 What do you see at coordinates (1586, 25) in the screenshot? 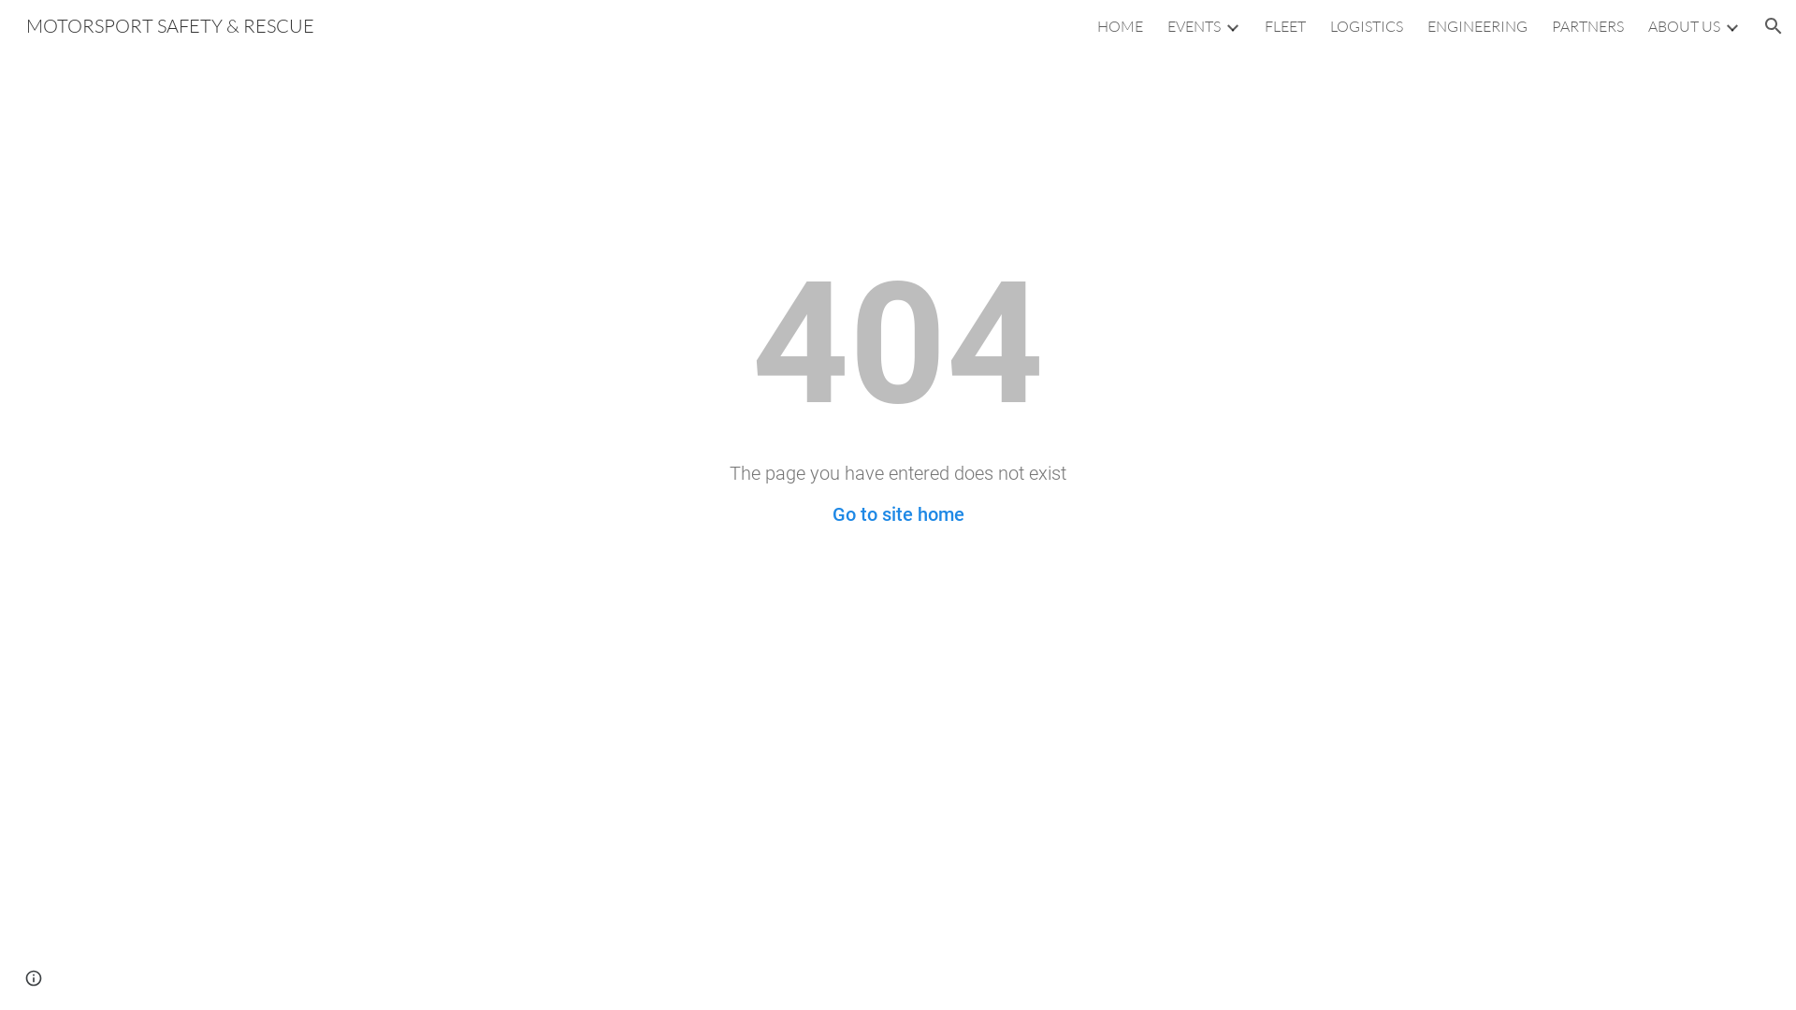
I see `'PARTNERS'` at bounding box center [1586, 25].